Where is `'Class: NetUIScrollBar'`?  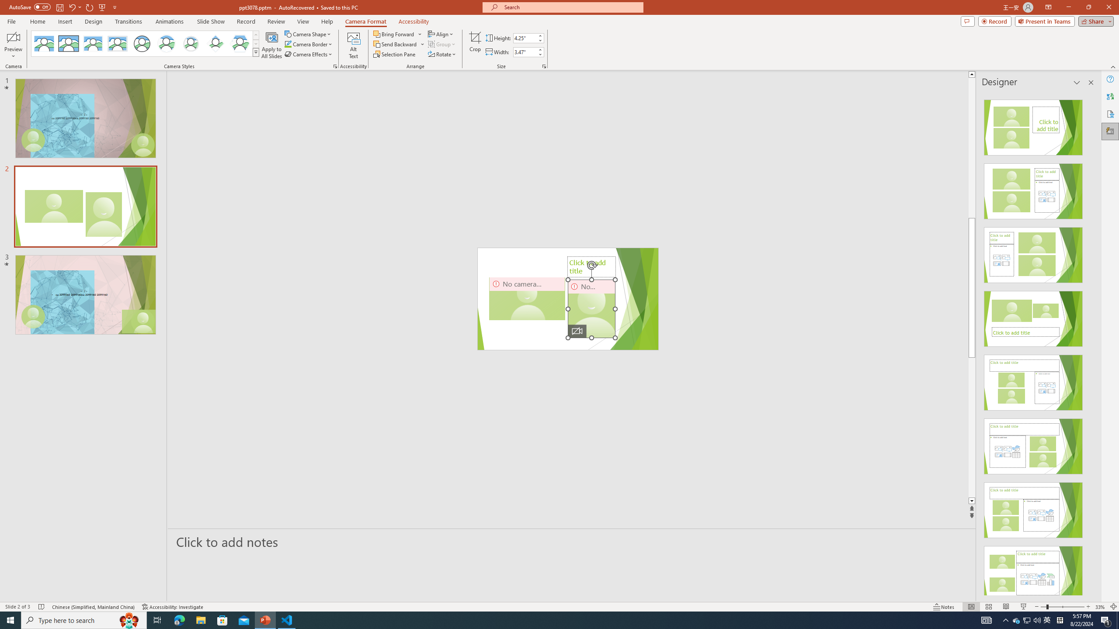 'Class: NetUIScrollBar' is located at coordinates (1090, 343).